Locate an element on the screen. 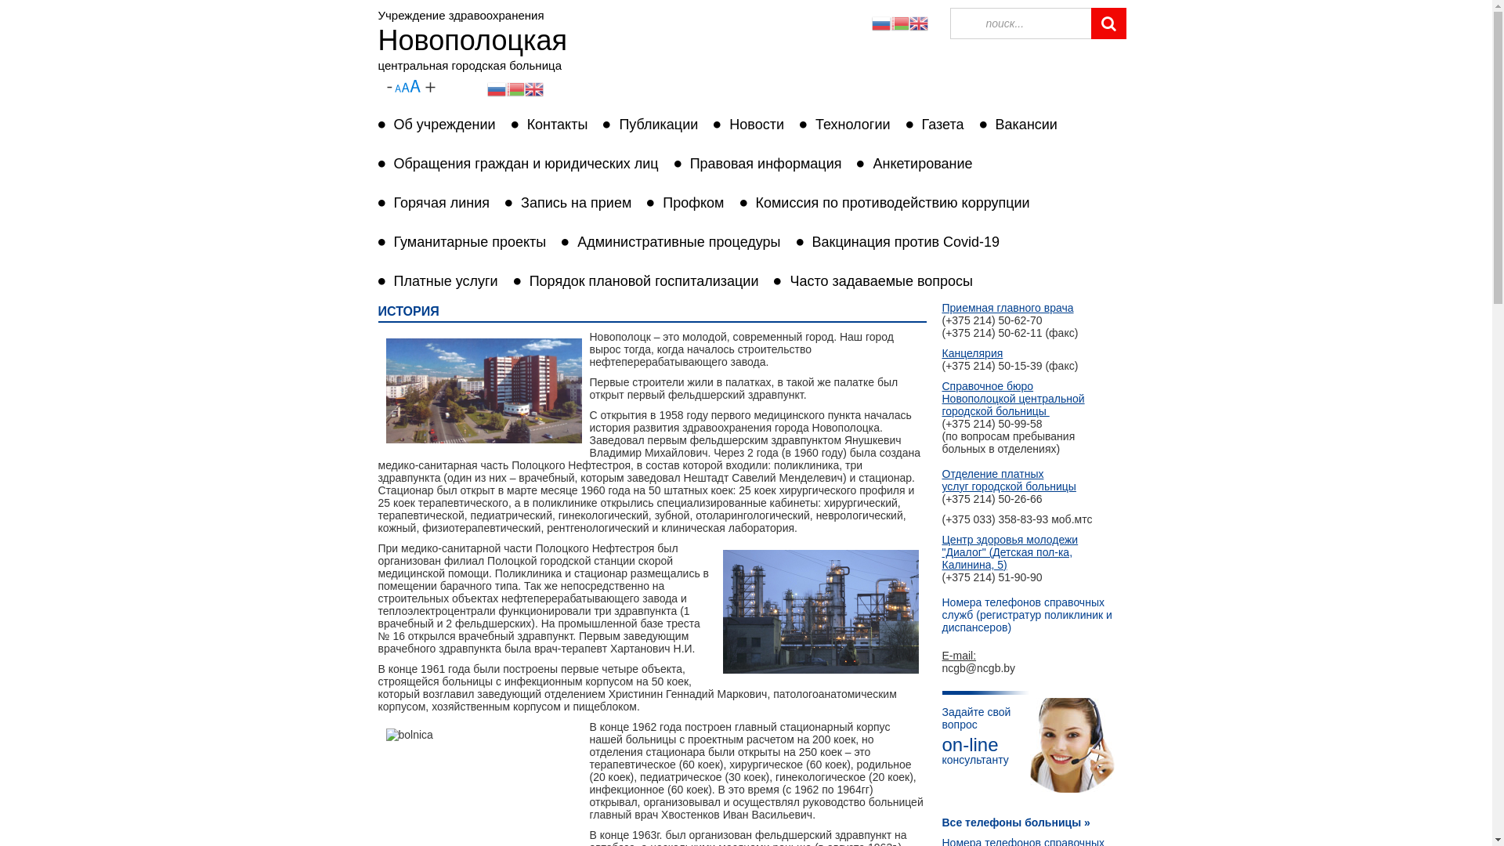 This screenshot has width=1504, height=846. 'Belarusian' is located at coordinates (898, 23).